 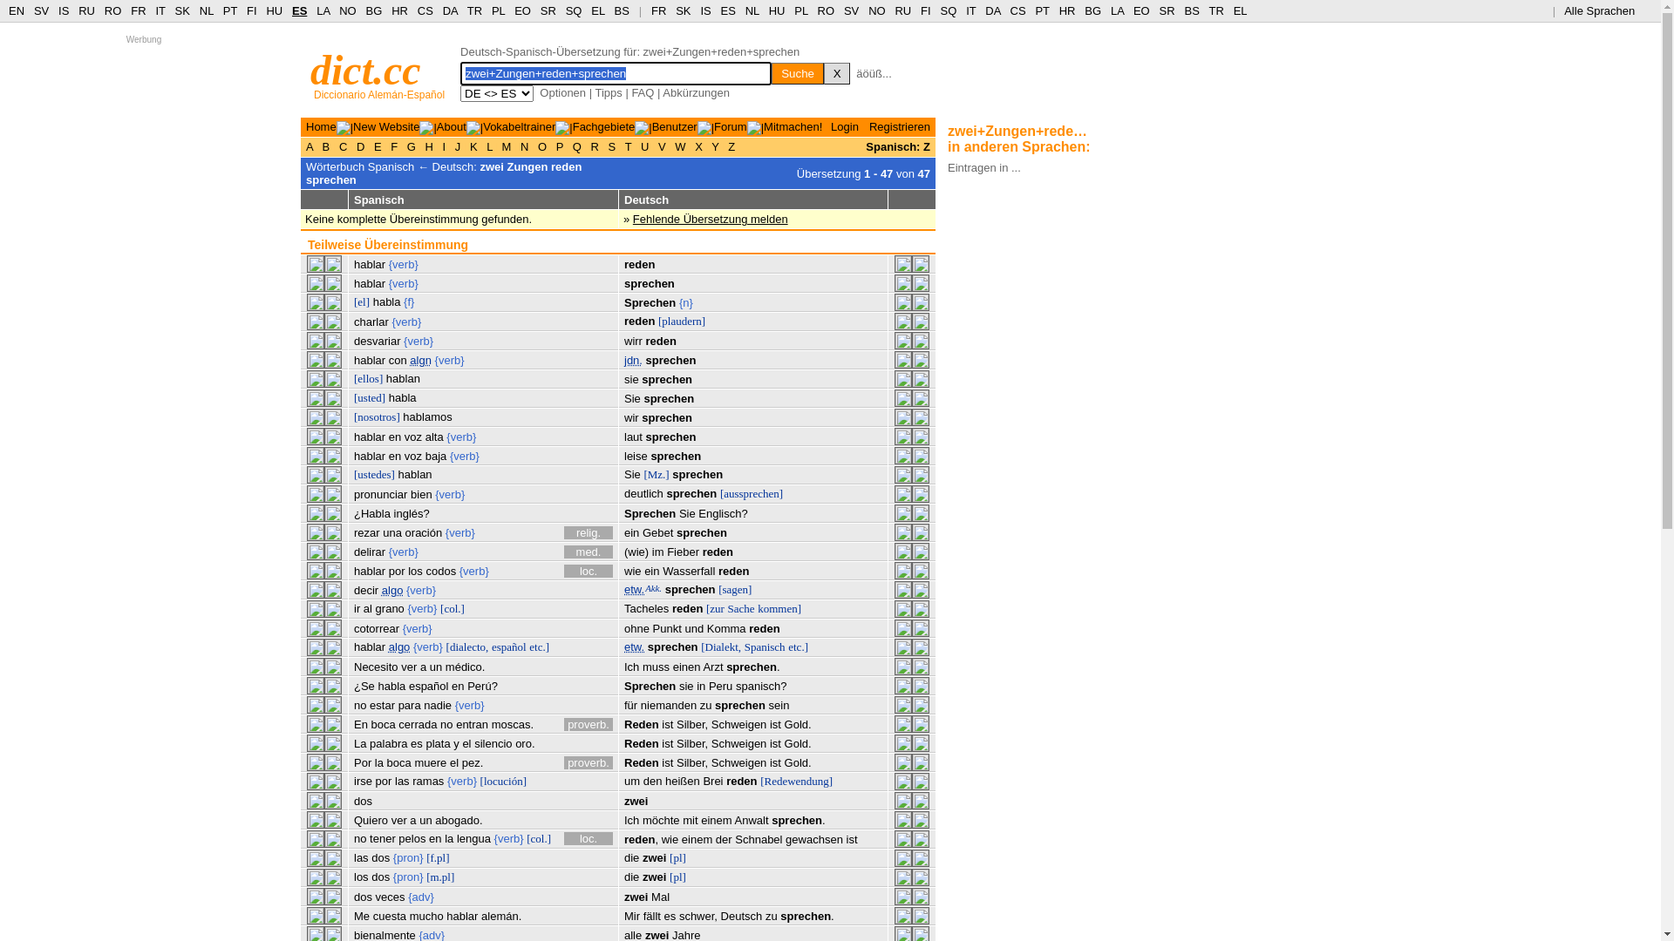 I want to click on 'SR', so click(x=547, y=10).